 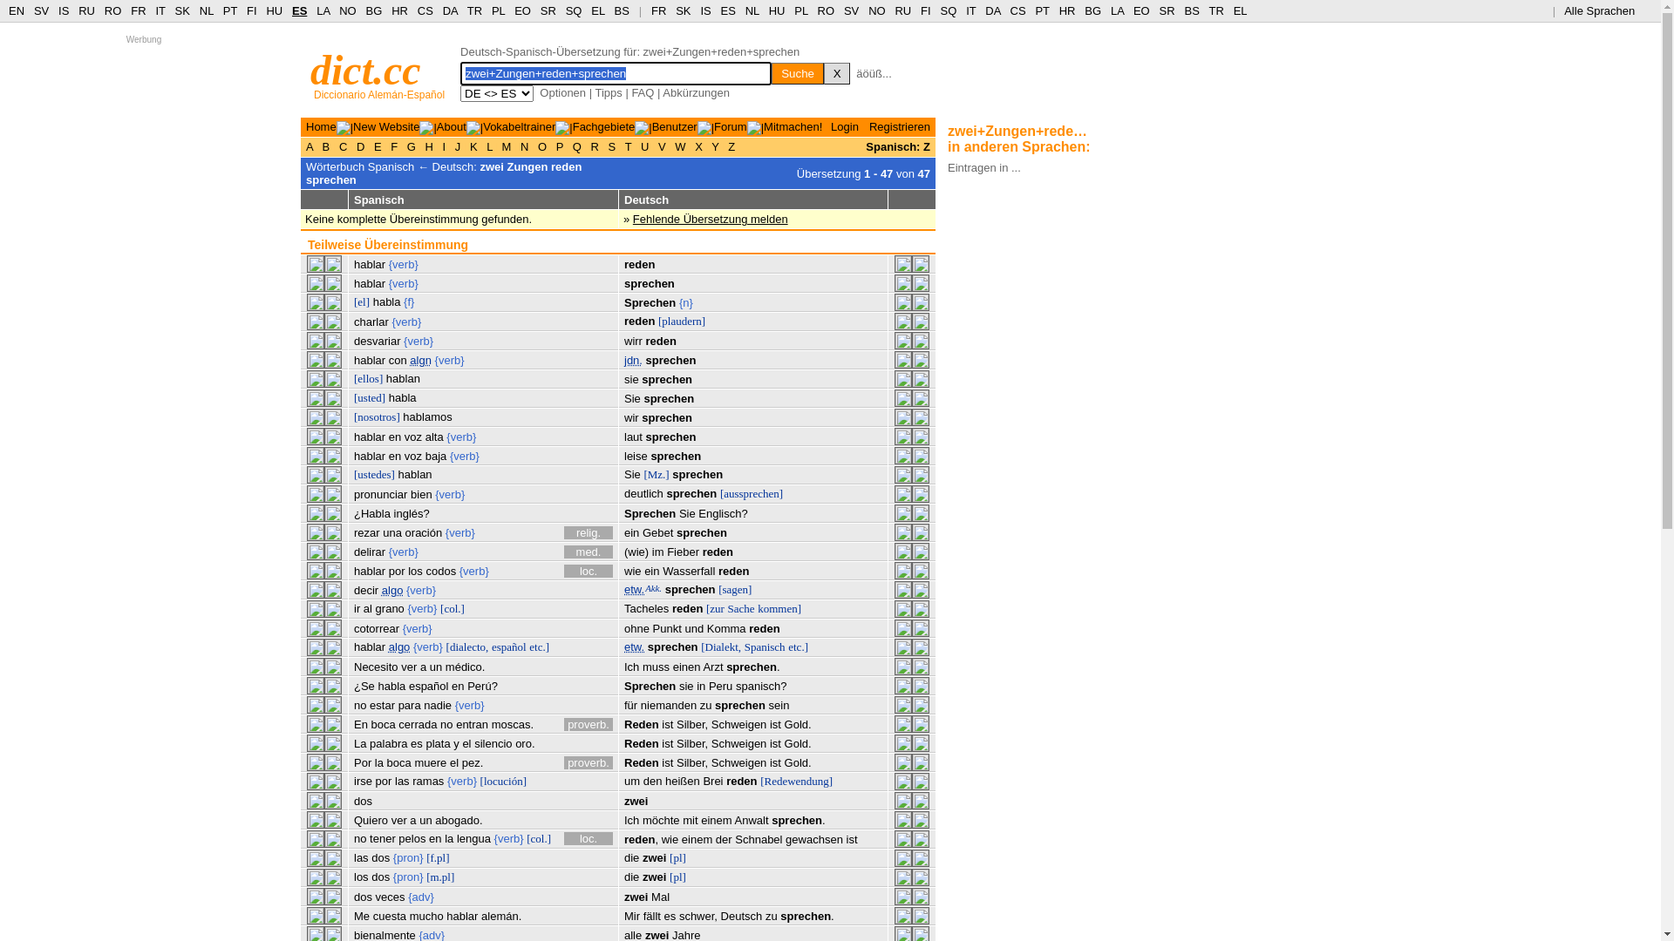 I want to click on 'SR', so click(x=547, y=10).